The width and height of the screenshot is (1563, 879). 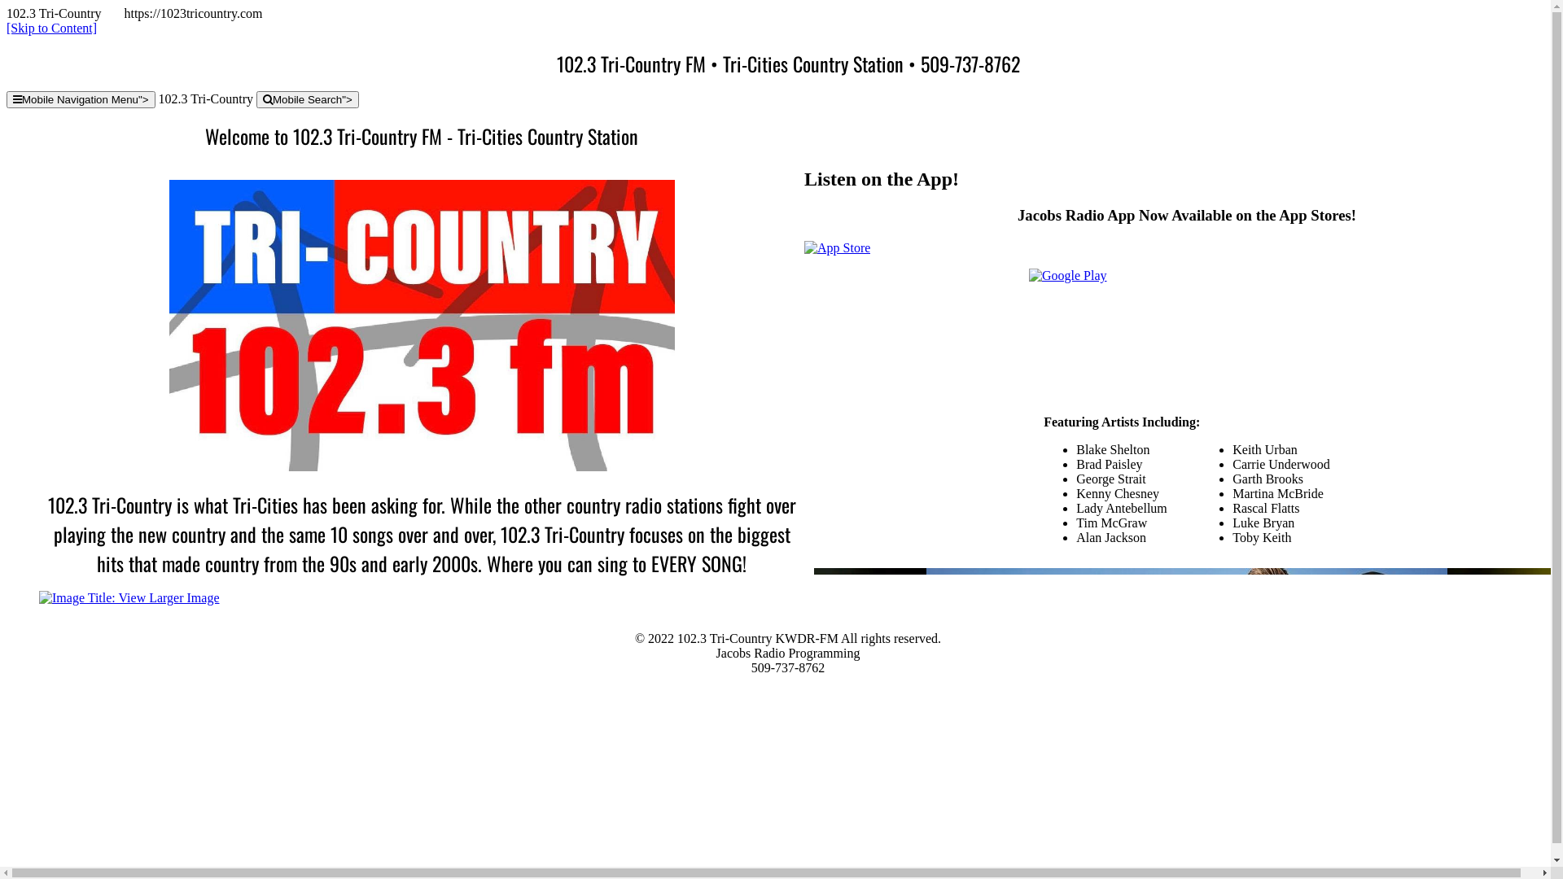 What do you see at coordinates (80, 99) in the screenshot?
I see `'Mobile Navigation Menu">'` at bounding box center [80, 99].